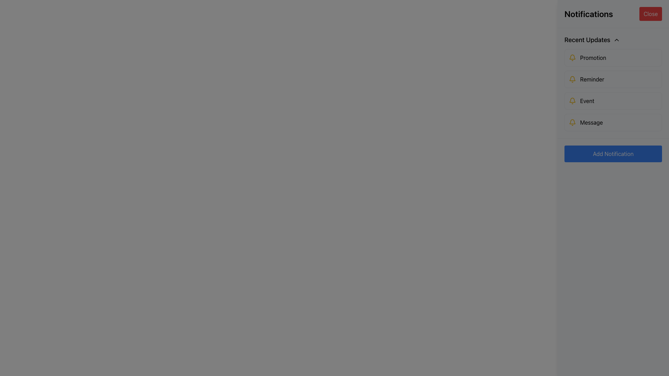  Describe the element at coordinates (613, 89) in the screenshot. I see `the 'Reminder' notification item in the 'Recent Updates' section` at that location.